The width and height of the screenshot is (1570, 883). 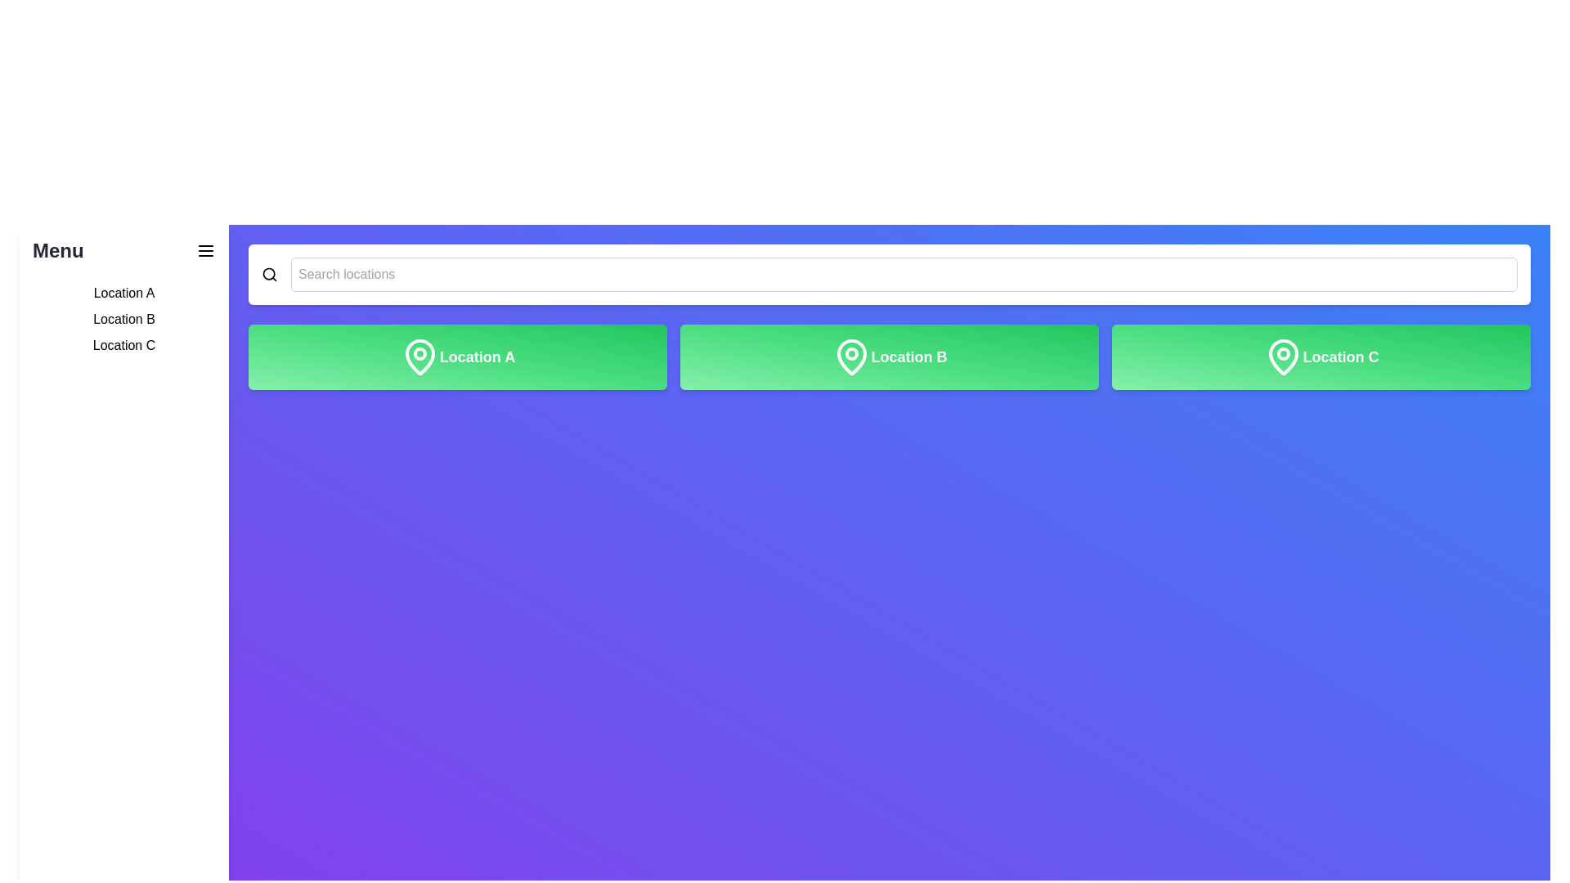 I want to click on the map pin icon located in the top-left region of the card labeled 'Location A', which features a circular outline and a gradient green background, so click(x=419, y=356).